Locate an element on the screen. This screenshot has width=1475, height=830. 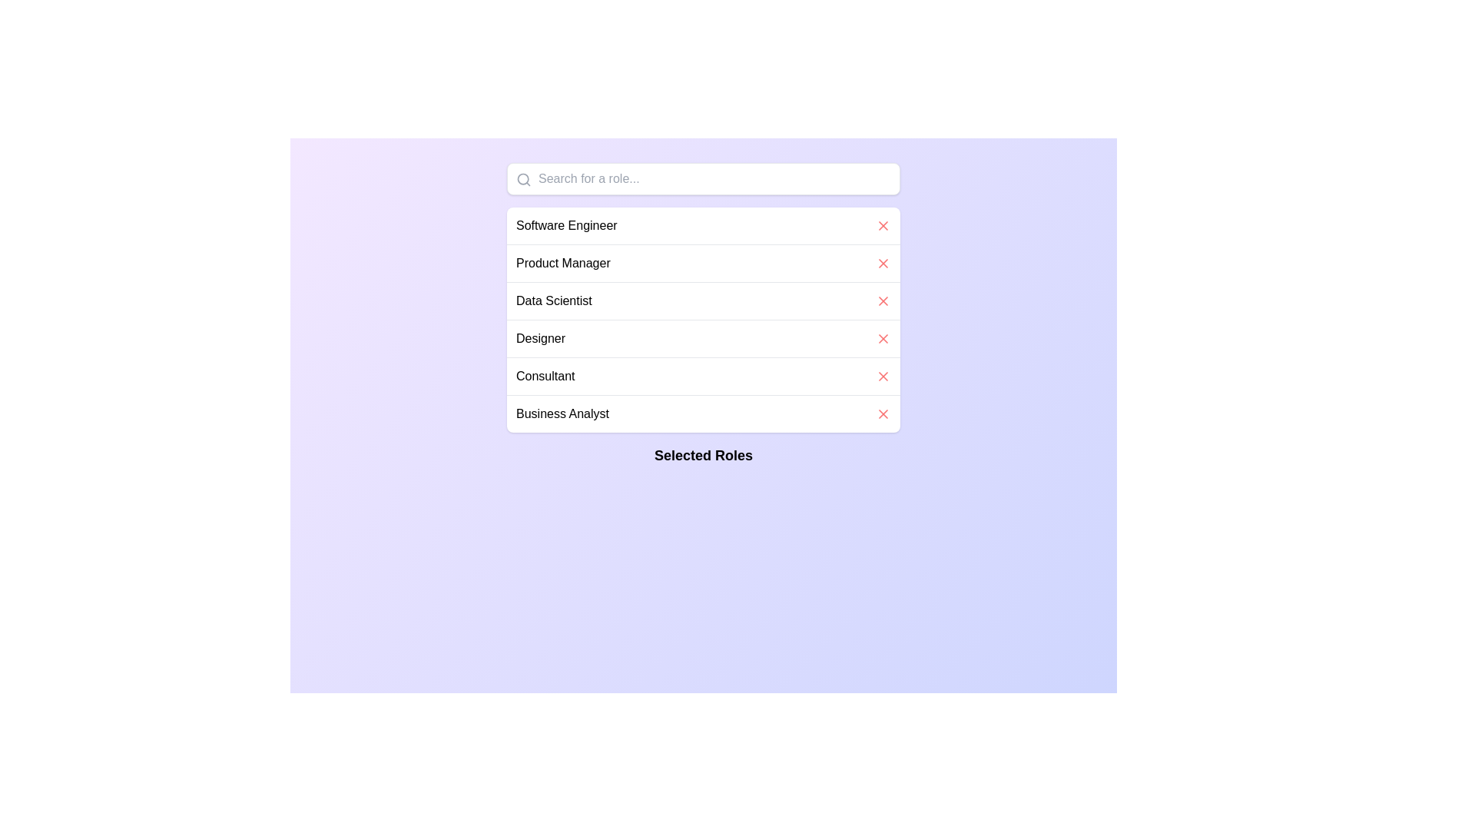
the last row of the selectable list item representing the role 'Business Analyst' is located at coordinates (703, 413).